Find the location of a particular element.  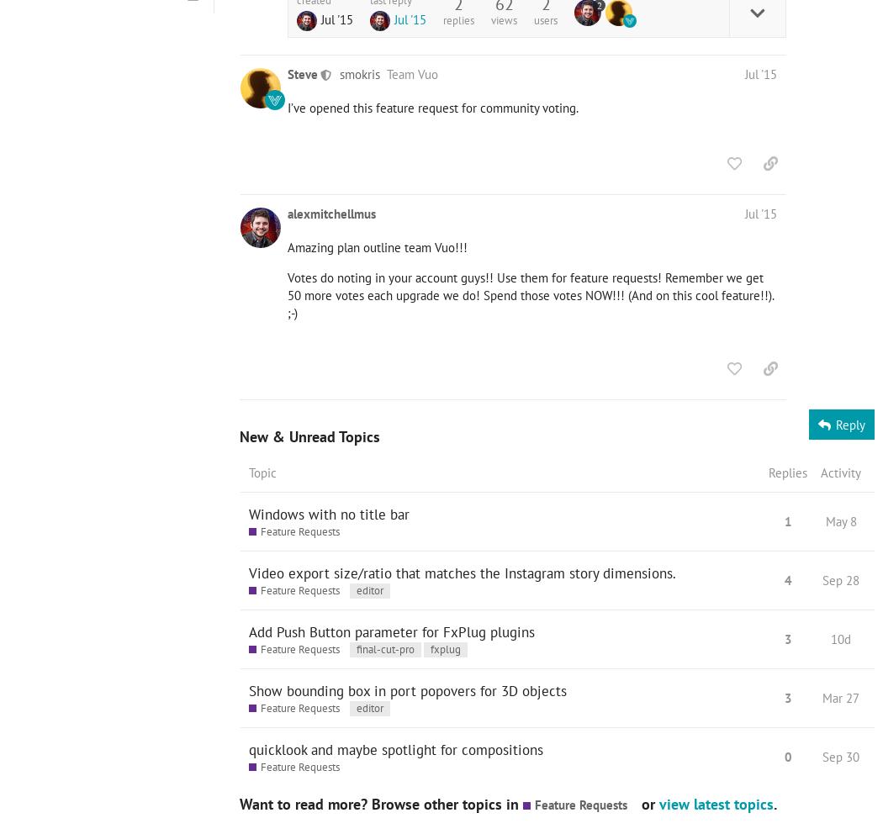

'alexmitchellmus' is located at coordinates (331, 213).